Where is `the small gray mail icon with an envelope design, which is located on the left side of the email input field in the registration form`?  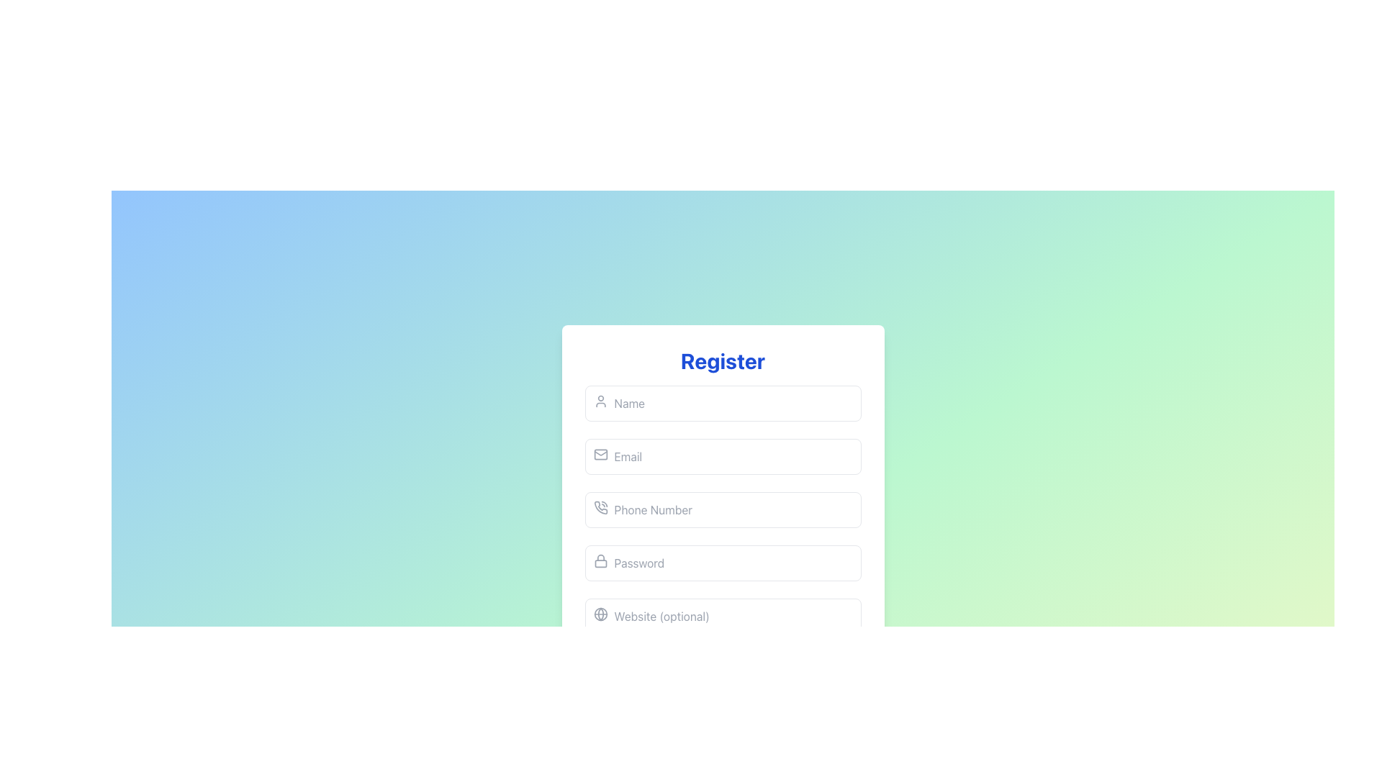 the small gray mail icon with an envelope design, which is located on the left side of the email input field in the registration form is located at coordinates (600, 455).